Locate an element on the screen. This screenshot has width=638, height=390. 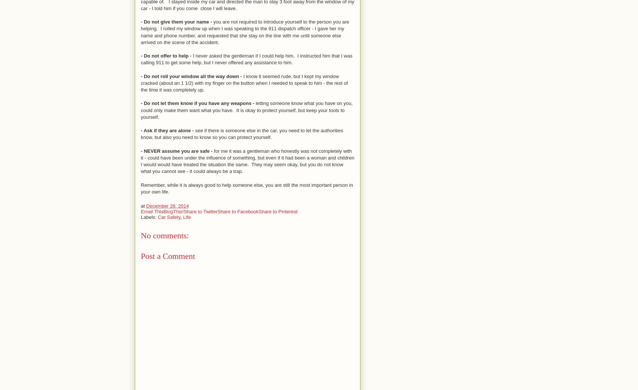
'No comments:' is located at coordinates (165, 235).